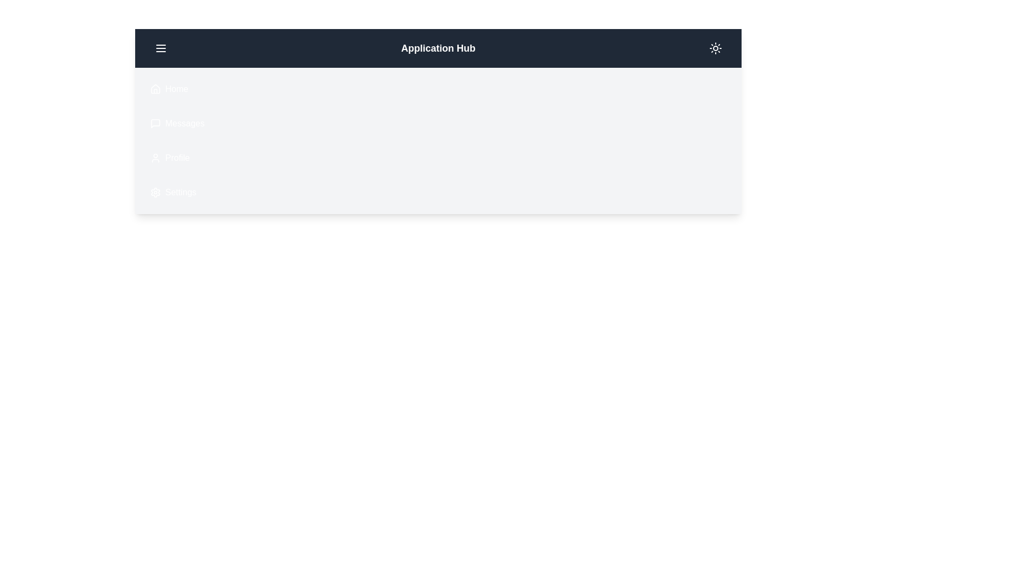 The image size is (1034, 581). Describe the element at coordinates (716, 47) in the screenshot. I see `the dark mode toggle button located at the top-right corner of the app bar` at that location.